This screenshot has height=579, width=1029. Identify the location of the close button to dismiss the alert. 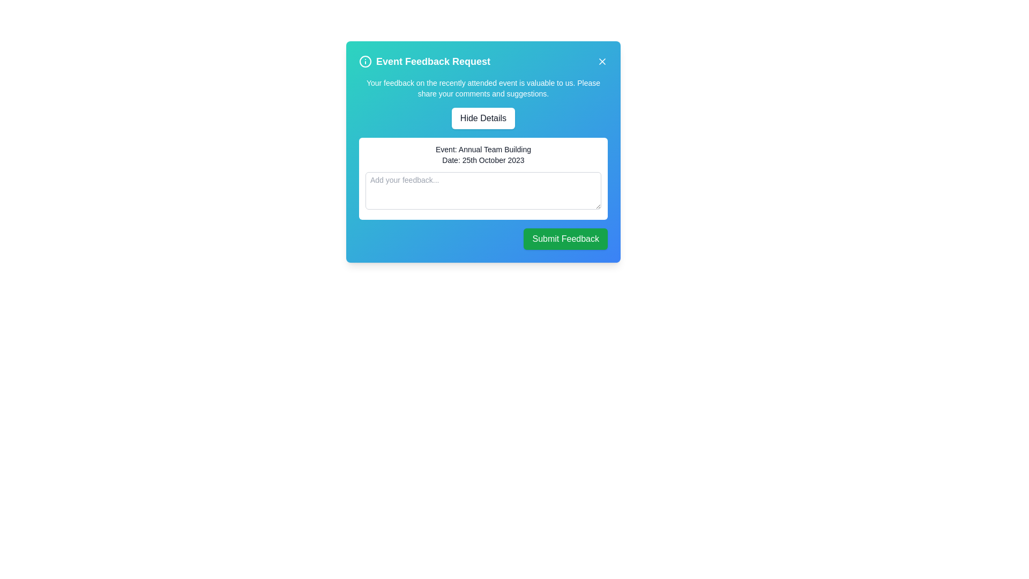
(602, 62).